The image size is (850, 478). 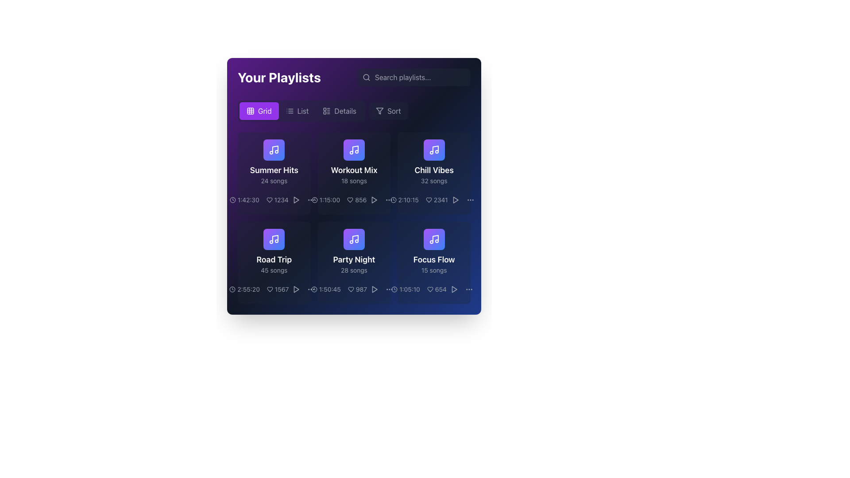 I want to click on the 'Grid' layout toggle button icon located in the top-left corner of the playlist interface, so click(x=250, y=110).